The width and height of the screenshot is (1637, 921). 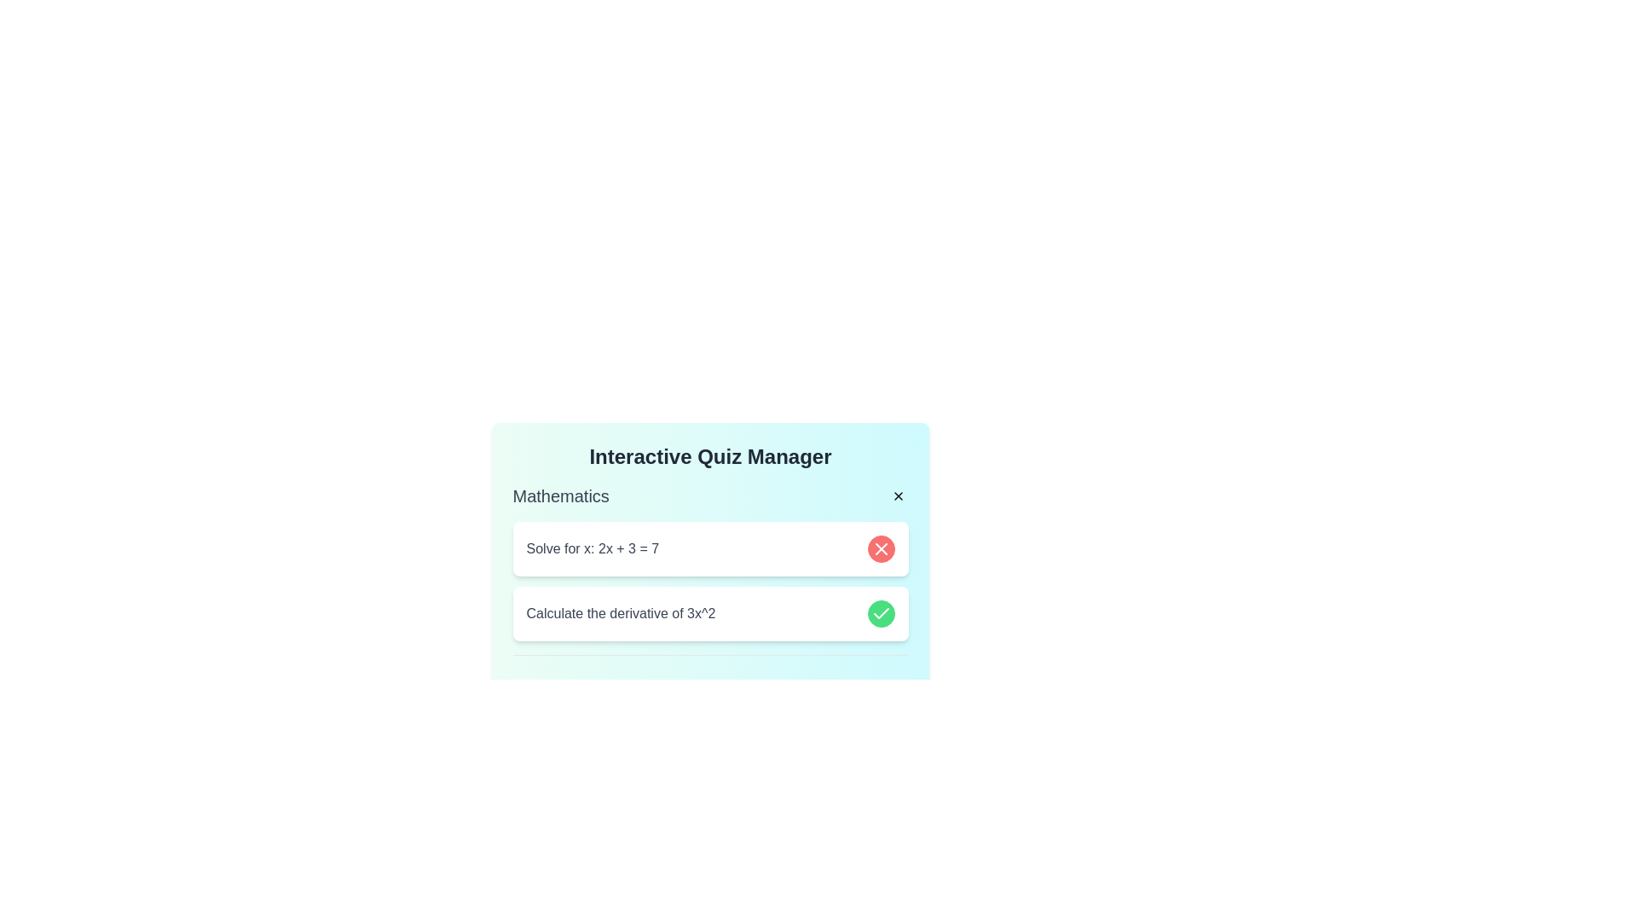 I want to click on the header text labeled 'Interactive Quiz Manager', which is styled in bold with a large font size and dark gray color, situated at the top center of a card interface with a gradient background, so click(x=710, y=456).